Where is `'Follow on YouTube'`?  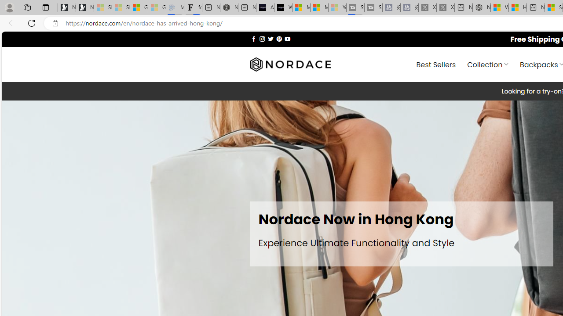 'Follow on YouTube' is located at coordinates (287, 38).